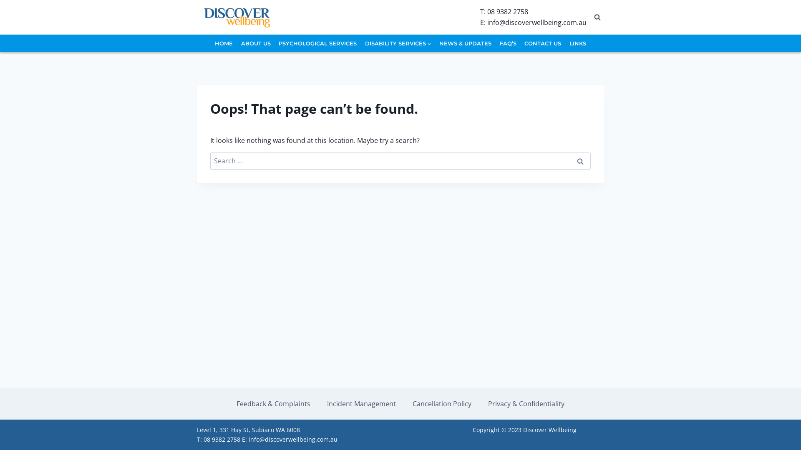 The height and width of the screenshot is (450, 801). What do you see at coordinates (273, 403) in the screenshot?
I see `'Feedback & Complaints'` at bounding box center [273, 403].